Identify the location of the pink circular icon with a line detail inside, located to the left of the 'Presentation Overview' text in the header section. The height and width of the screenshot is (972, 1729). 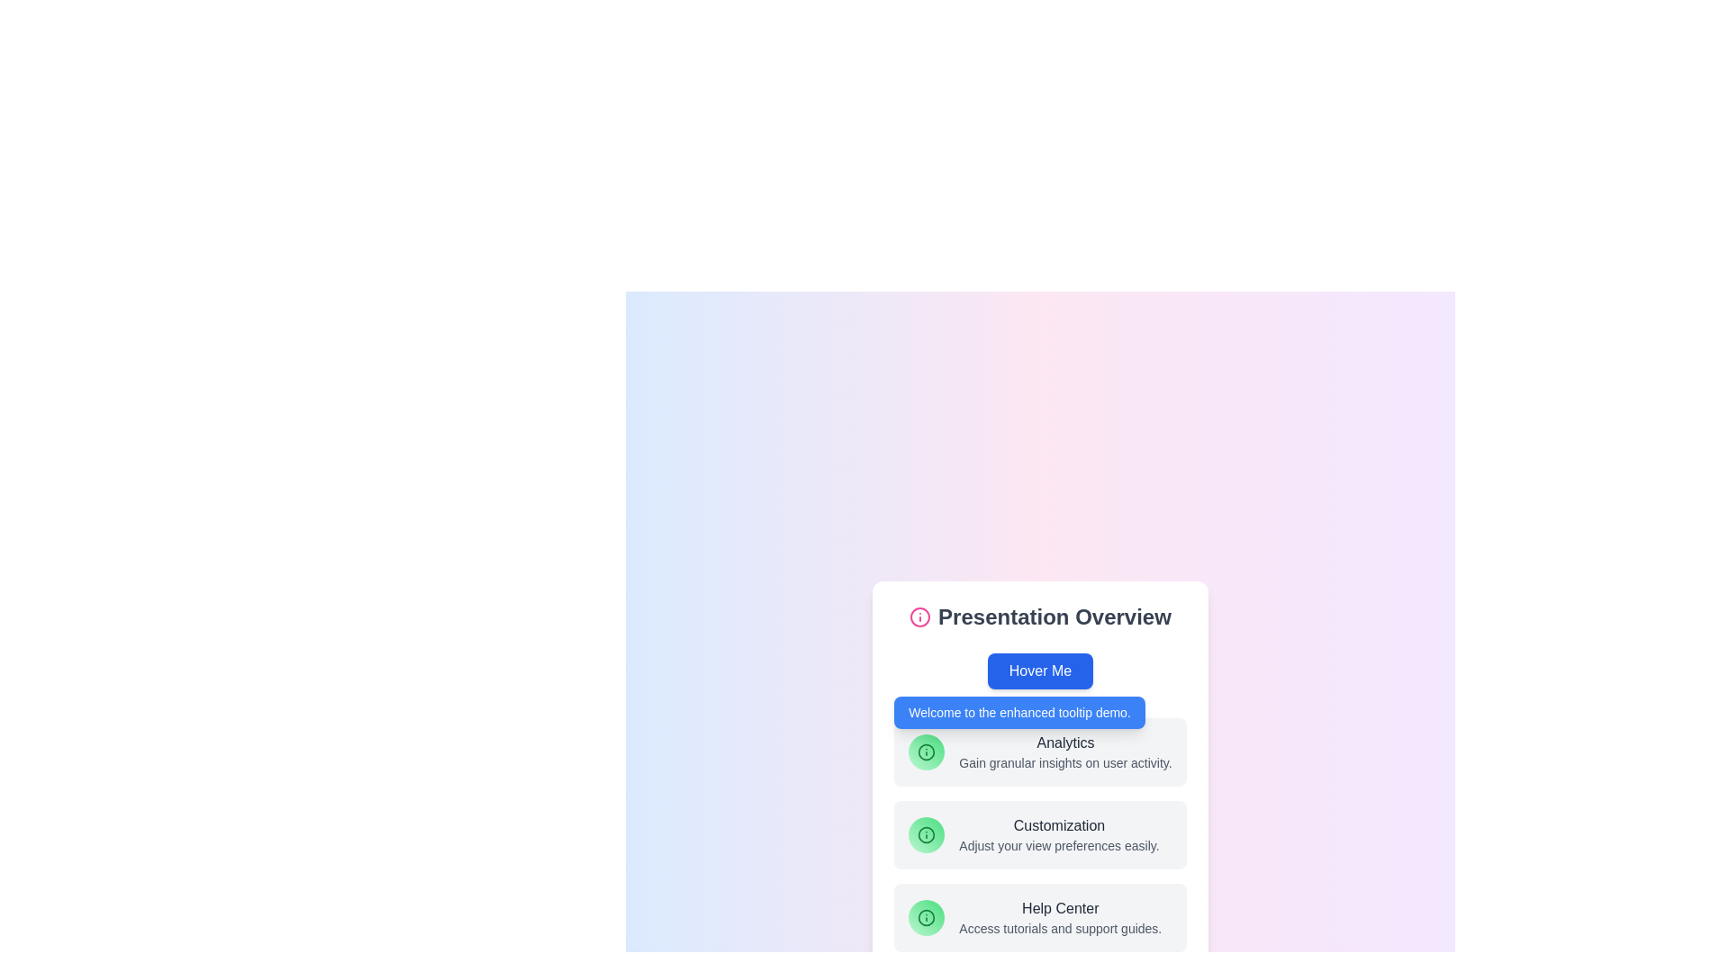
(920, 616).